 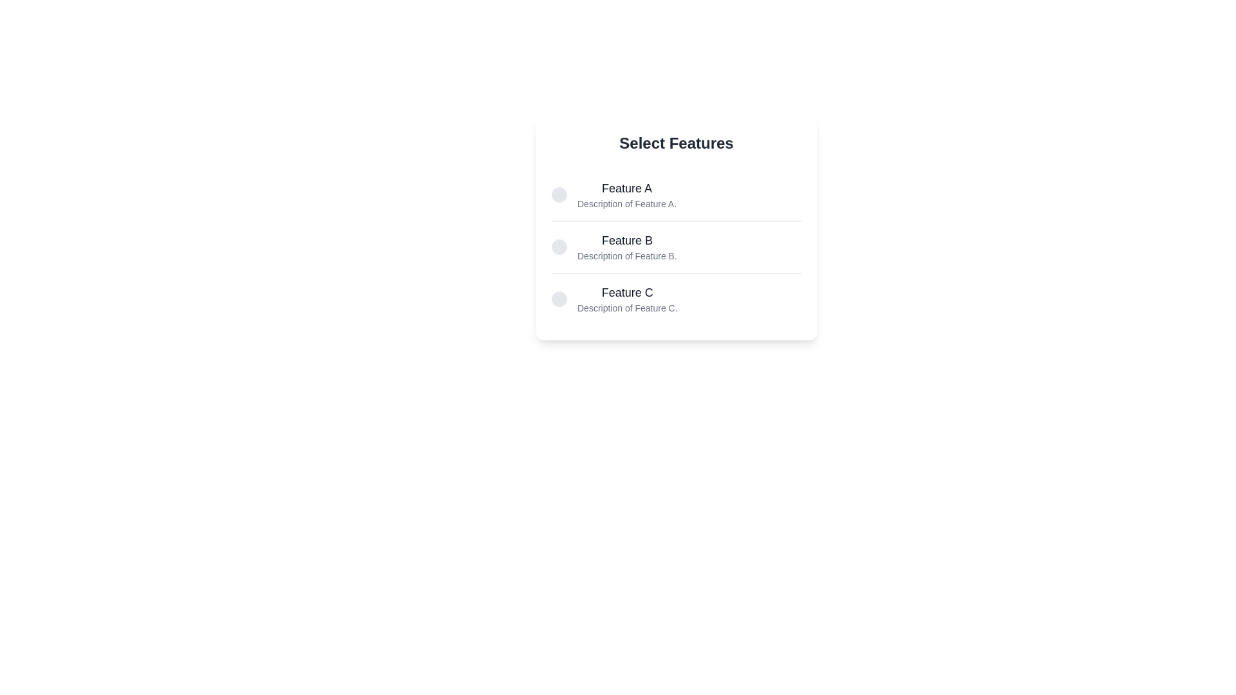 What do you see at coordinates (676, 144) in the screenshot?
I see `the prominently styled header with the text 'Select Features', which is bold and larger than other text, located at the top center of the white rectangular card` at bounding box center [676, 144].